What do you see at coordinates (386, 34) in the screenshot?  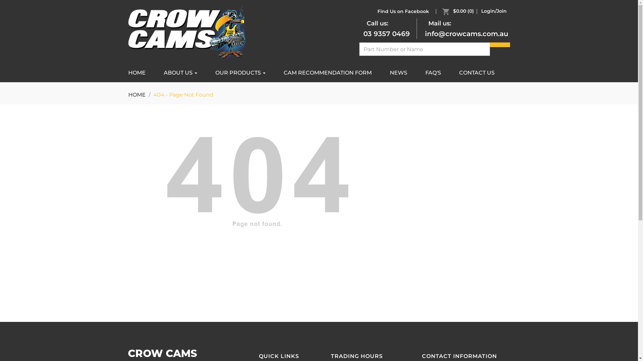 I see `'03 9357 0469'` at bounding box center [386, 34].